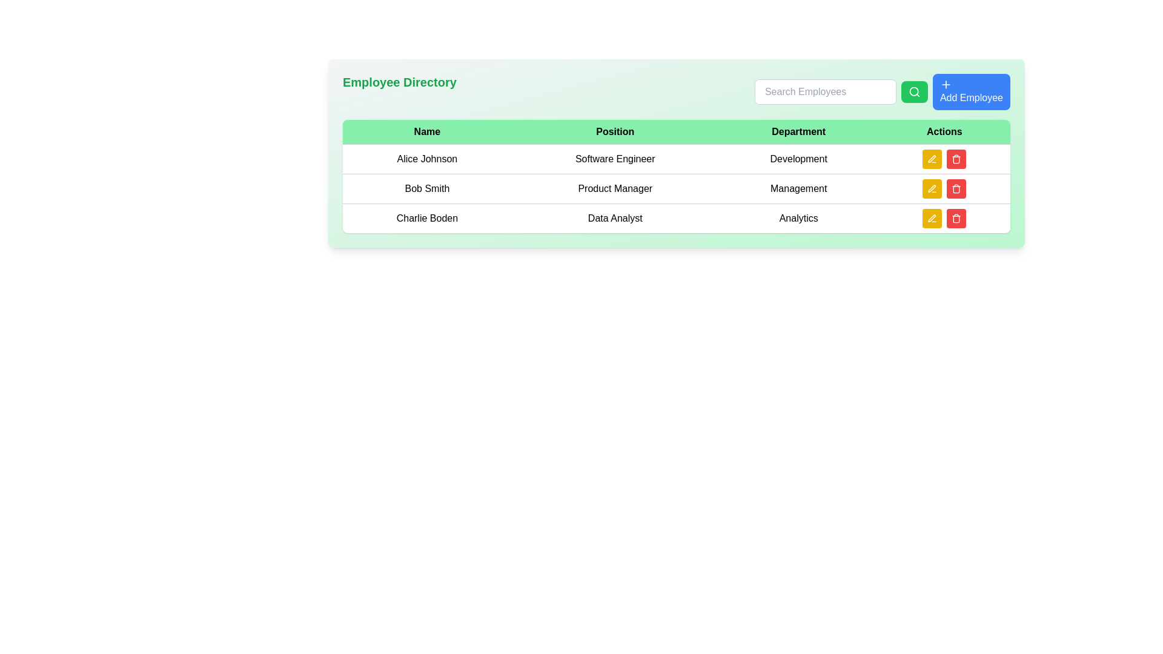  What do you see at coordinates (914, 91) in the screenshot?
I see `the magnifying glass icon button with a green background, located between the search input bar and the blue 'Add Employee' button` at bounding box center [914, 91].